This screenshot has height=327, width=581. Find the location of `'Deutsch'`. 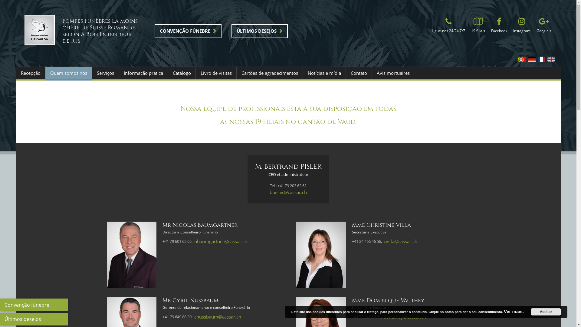

'Deutsch' is located at coordinates (531, 59).